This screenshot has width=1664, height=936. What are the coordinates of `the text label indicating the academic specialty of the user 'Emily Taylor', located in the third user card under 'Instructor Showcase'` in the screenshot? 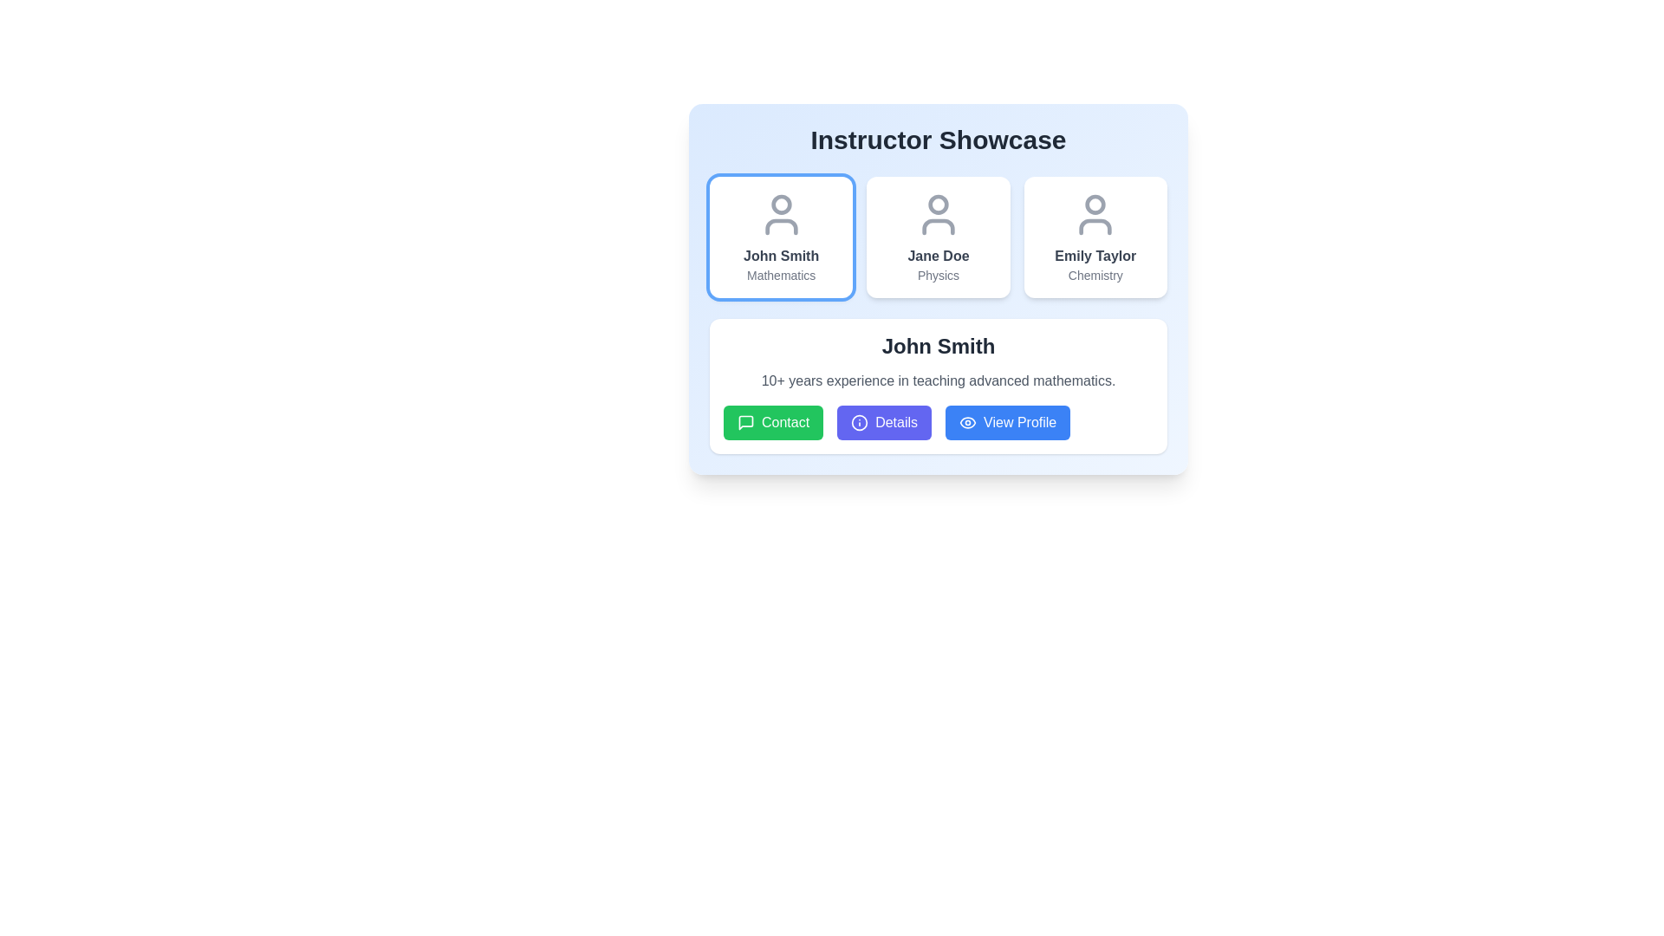 It's located at (1095, 274).